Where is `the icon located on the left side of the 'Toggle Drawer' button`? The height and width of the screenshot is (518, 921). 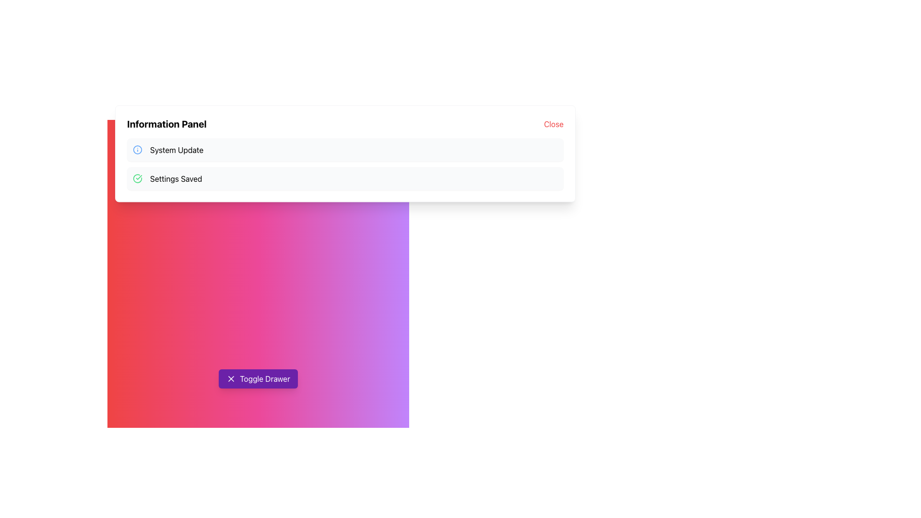
the icon located on the left side of the 'Toggle Drawer' button is located at coordinates (231, 378).